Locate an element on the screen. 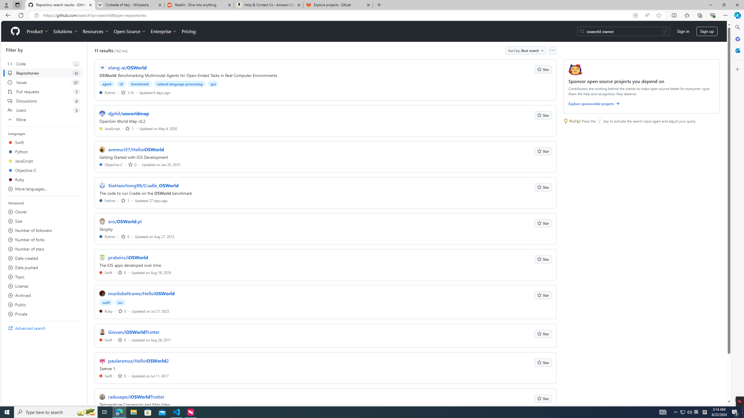 The width and height of the screenshot is (744, 418). 'benchmark' is located at coordinates (140, 83).